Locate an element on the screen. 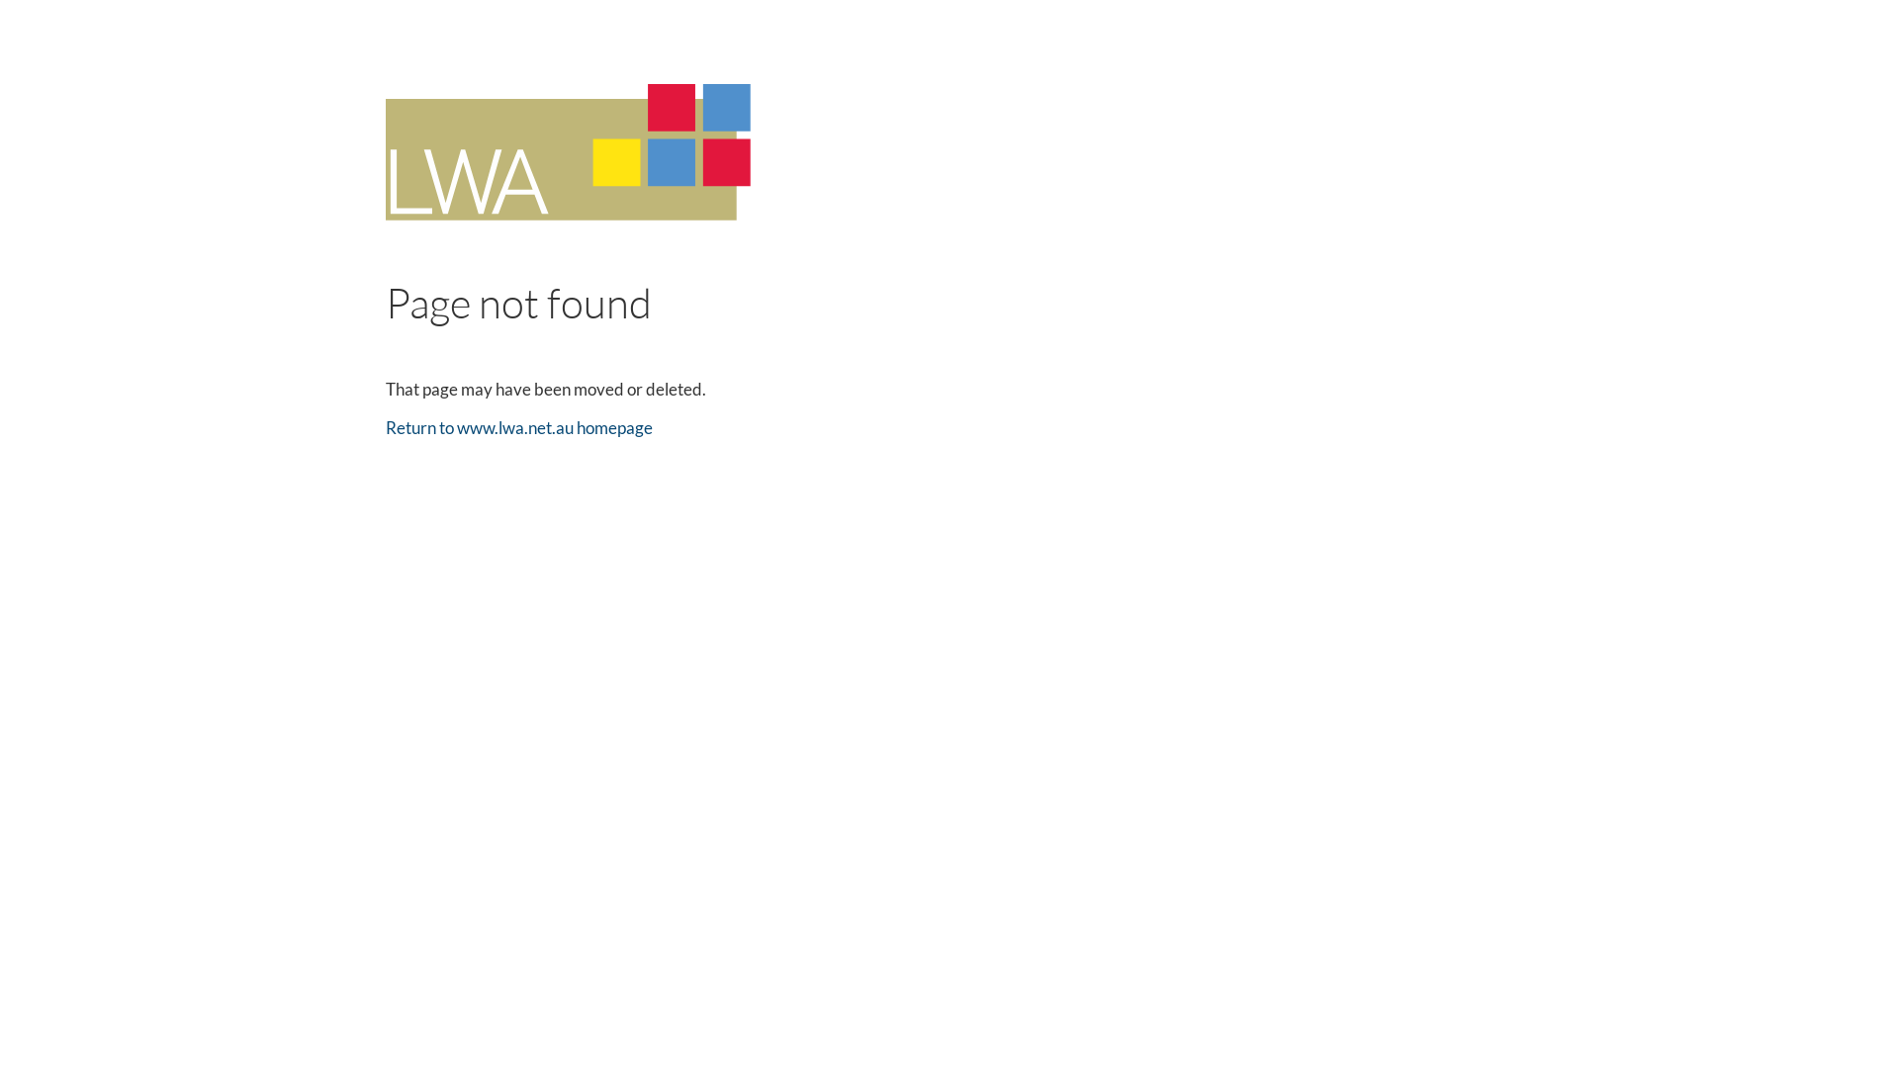 Image resolution: width=1899 pixels, height=1068 pixels. 'LWA' is located at coordinates (567, 151).